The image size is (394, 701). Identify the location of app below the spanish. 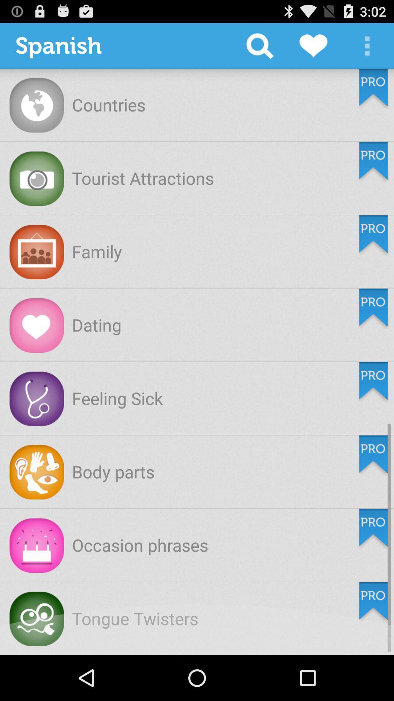
(109, 104).